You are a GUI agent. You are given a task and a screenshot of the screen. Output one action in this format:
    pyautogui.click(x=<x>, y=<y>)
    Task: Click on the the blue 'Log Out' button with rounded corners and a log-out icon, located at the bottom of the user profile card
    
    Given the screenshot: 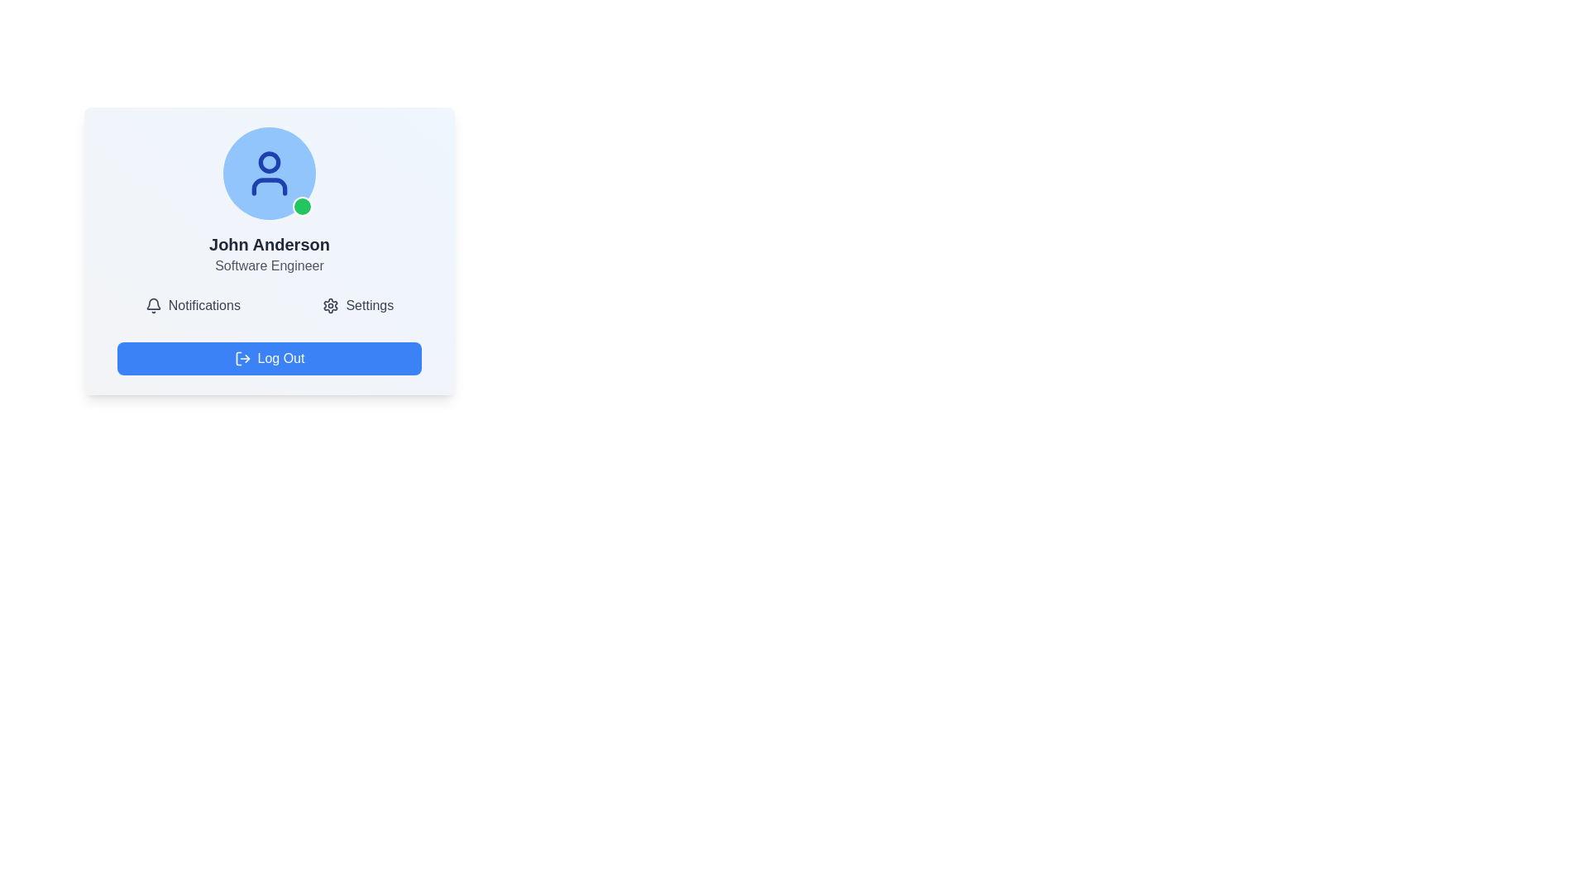 What is the action you would take?
    pyautogui.click(x=270, y=358)
    